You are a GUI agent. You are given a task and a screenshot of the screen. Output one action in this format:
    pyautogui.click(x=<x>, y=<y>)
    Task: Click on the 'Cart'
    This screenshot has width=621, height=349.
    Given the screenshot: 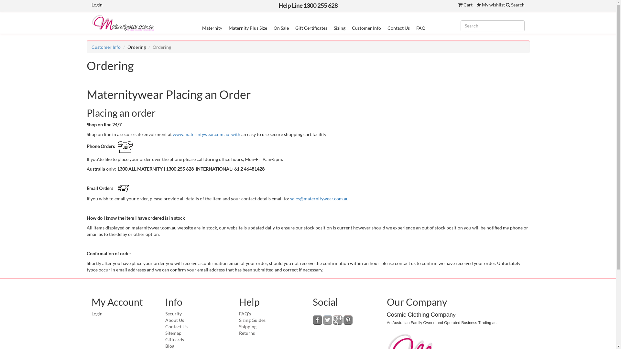 What is the action you would take?
    pyautogui.click(x=465, y=5)
    